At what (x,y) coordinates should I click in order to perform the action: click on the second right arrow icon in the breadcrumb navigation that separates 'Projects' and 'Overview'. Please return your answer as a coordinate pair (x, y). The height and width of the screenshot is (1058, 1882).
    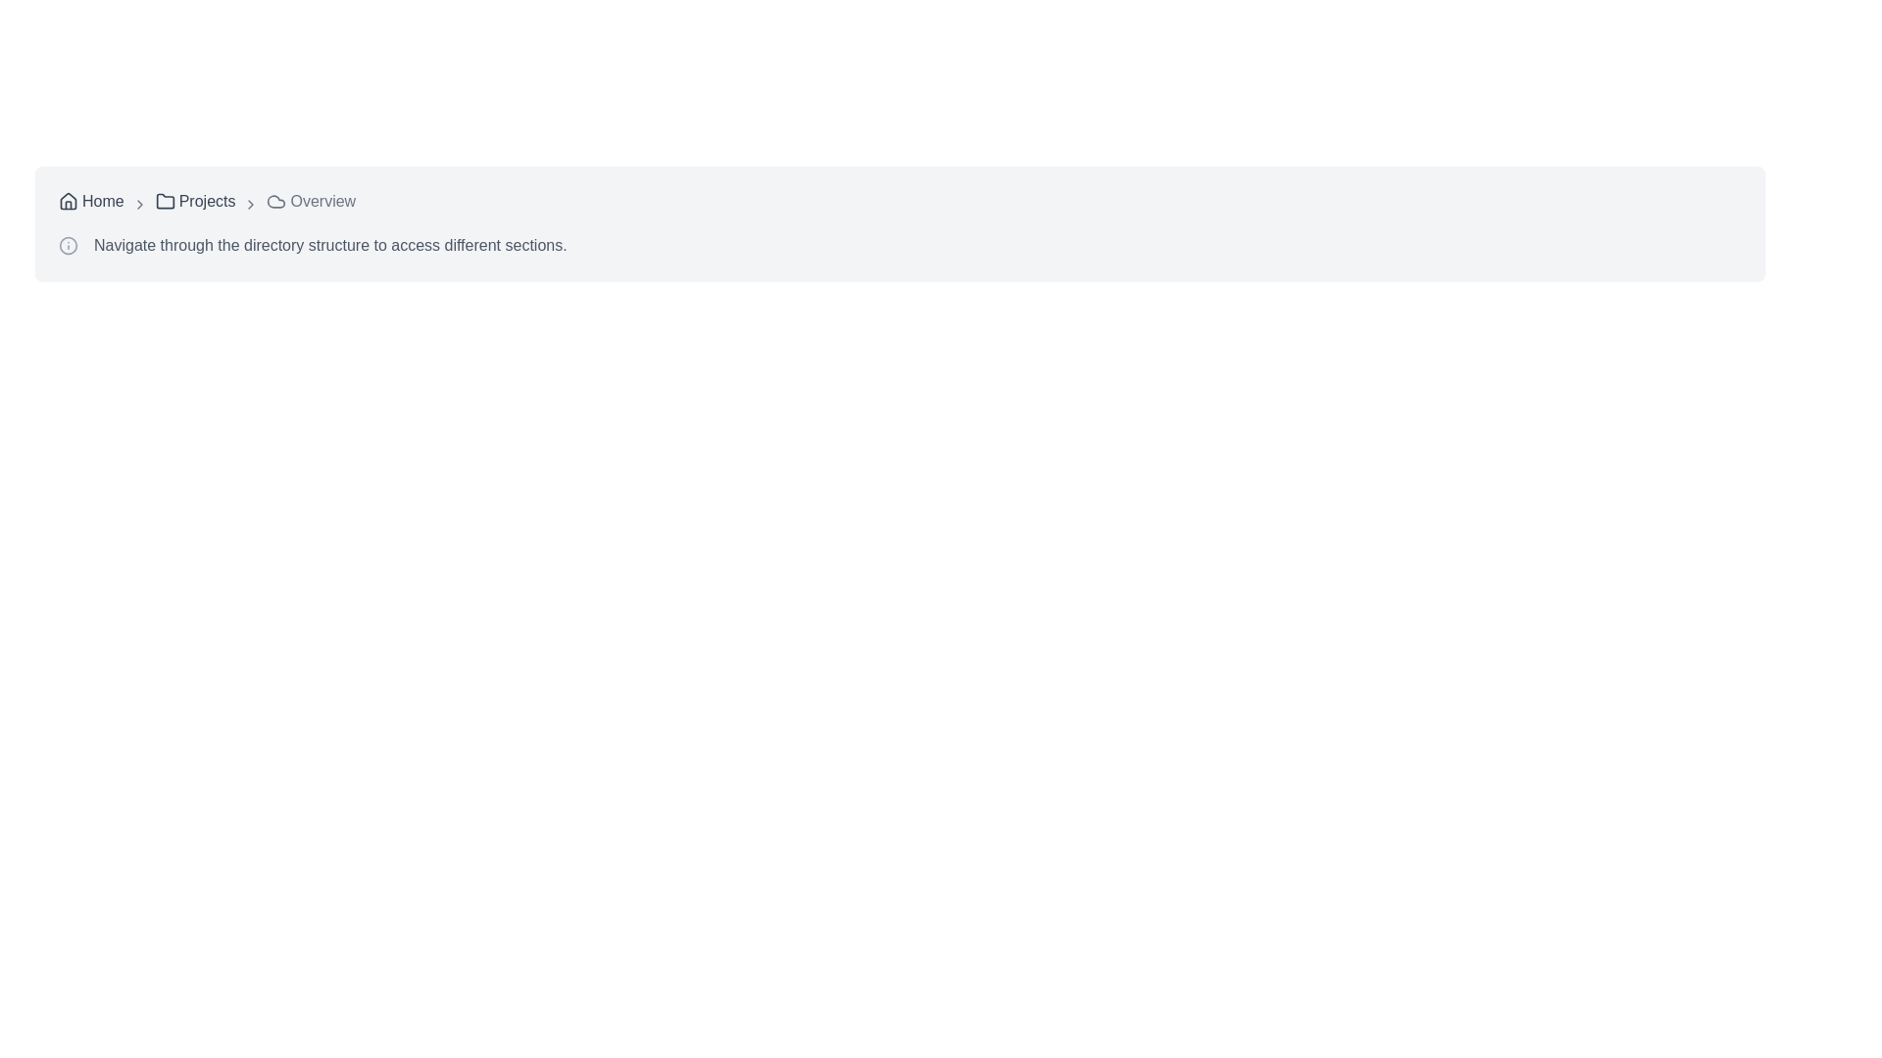
    Looking at the image, I should click on (250, 204).